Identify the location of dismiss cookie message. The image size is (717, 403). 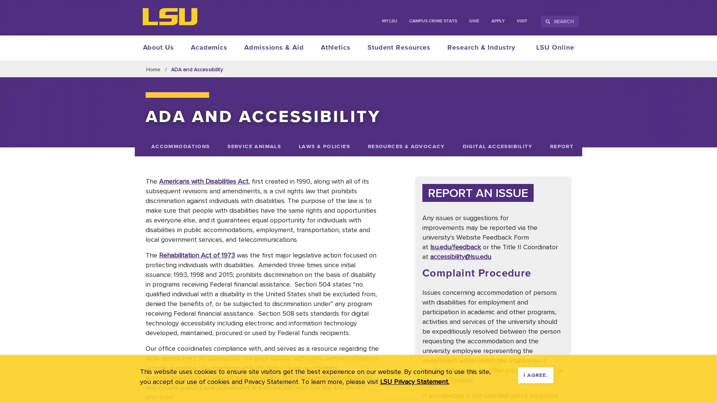
(535, 375).